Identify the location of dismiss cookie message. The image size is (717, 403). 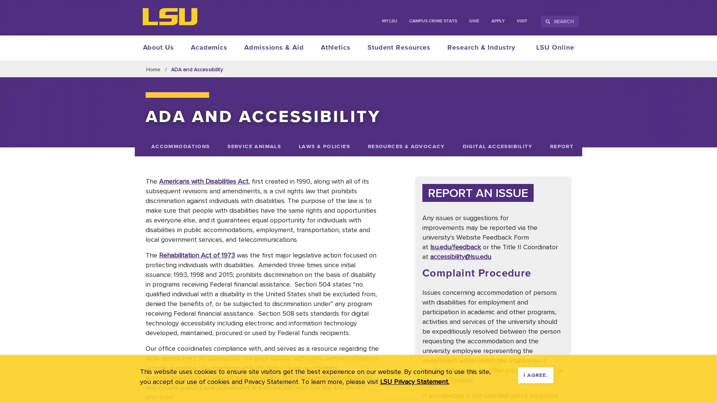
(535, 375).